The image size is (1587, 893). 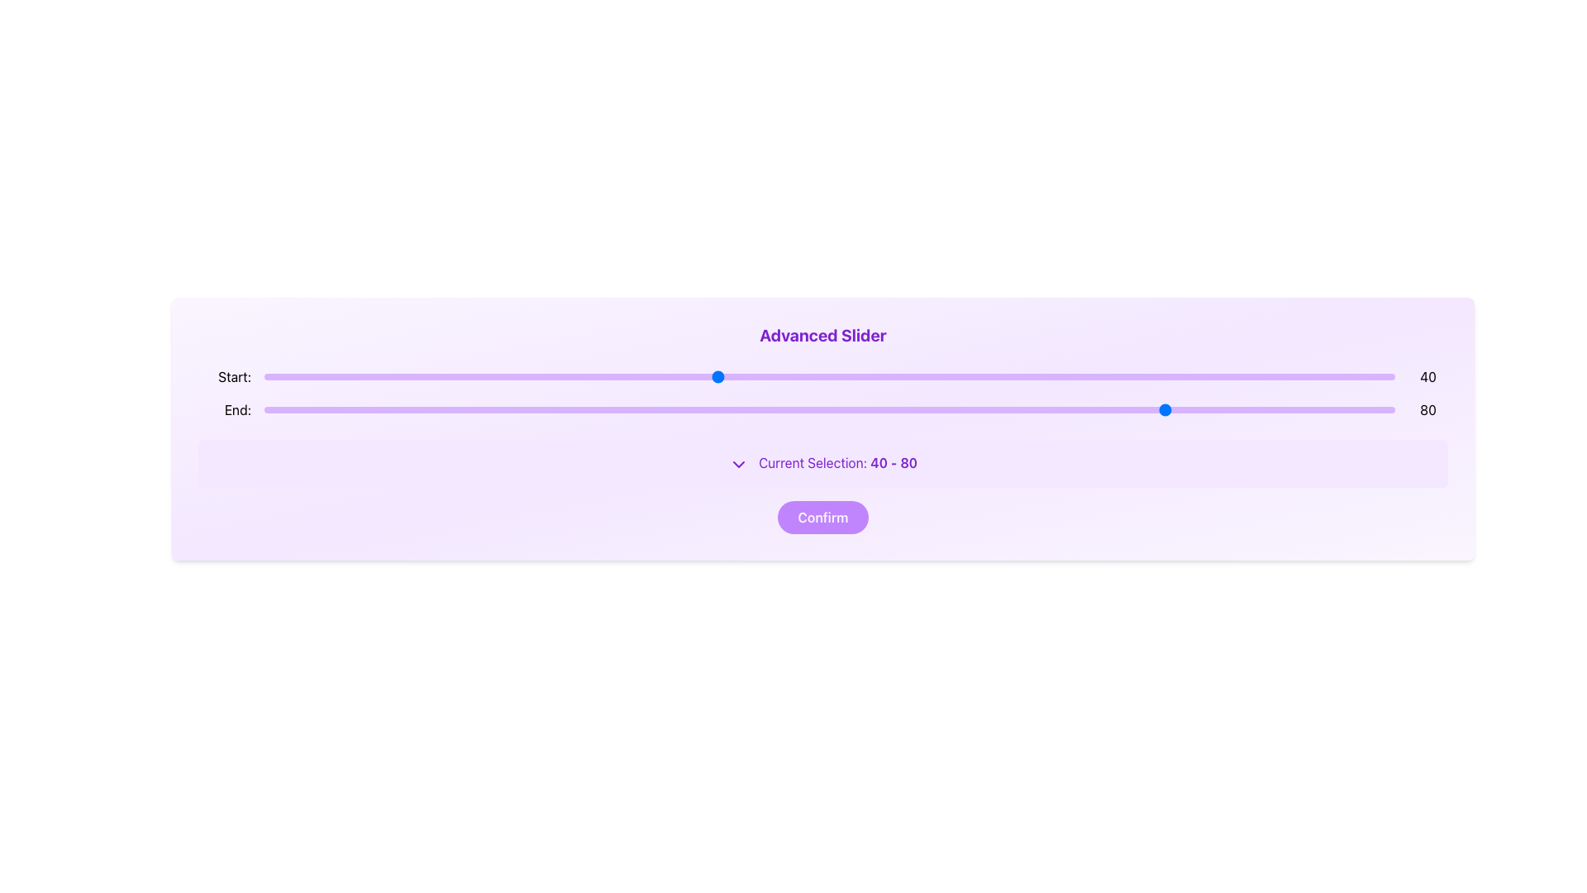 I want to click on the advanced slider, so click(x=1214, y=376).